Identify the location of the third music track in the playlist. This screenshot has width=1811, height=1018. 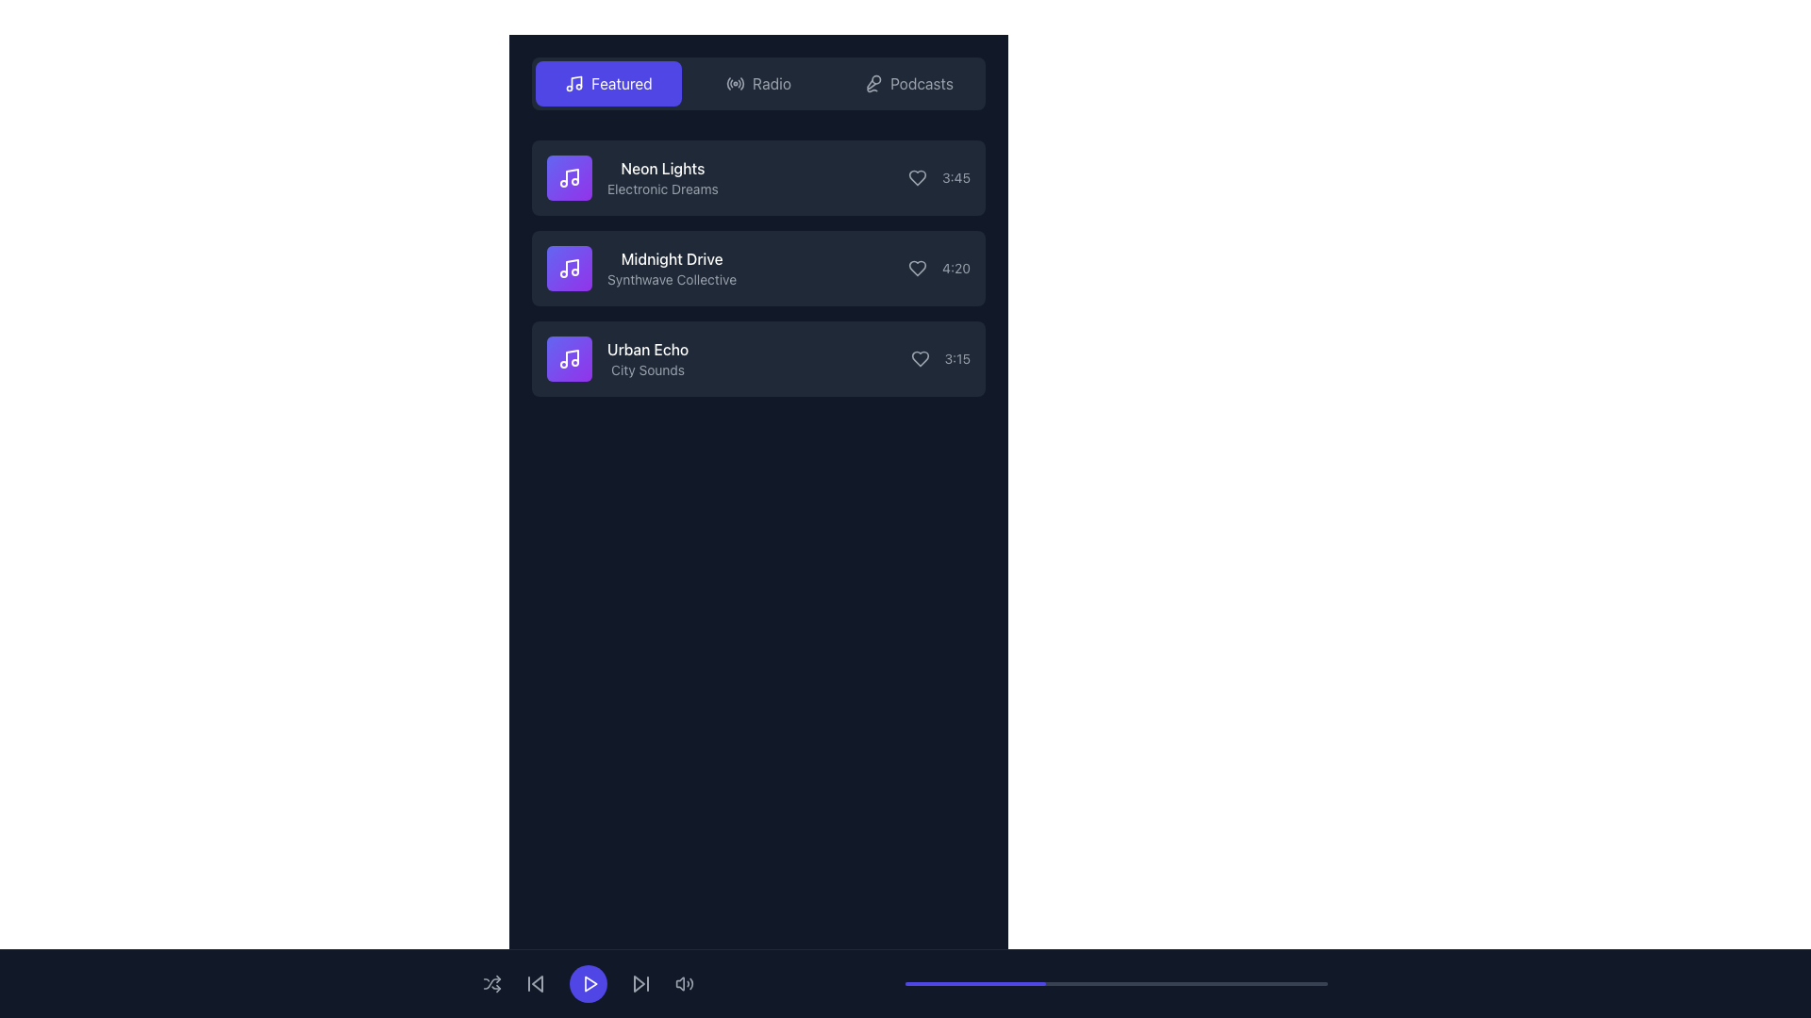
(758, 359).